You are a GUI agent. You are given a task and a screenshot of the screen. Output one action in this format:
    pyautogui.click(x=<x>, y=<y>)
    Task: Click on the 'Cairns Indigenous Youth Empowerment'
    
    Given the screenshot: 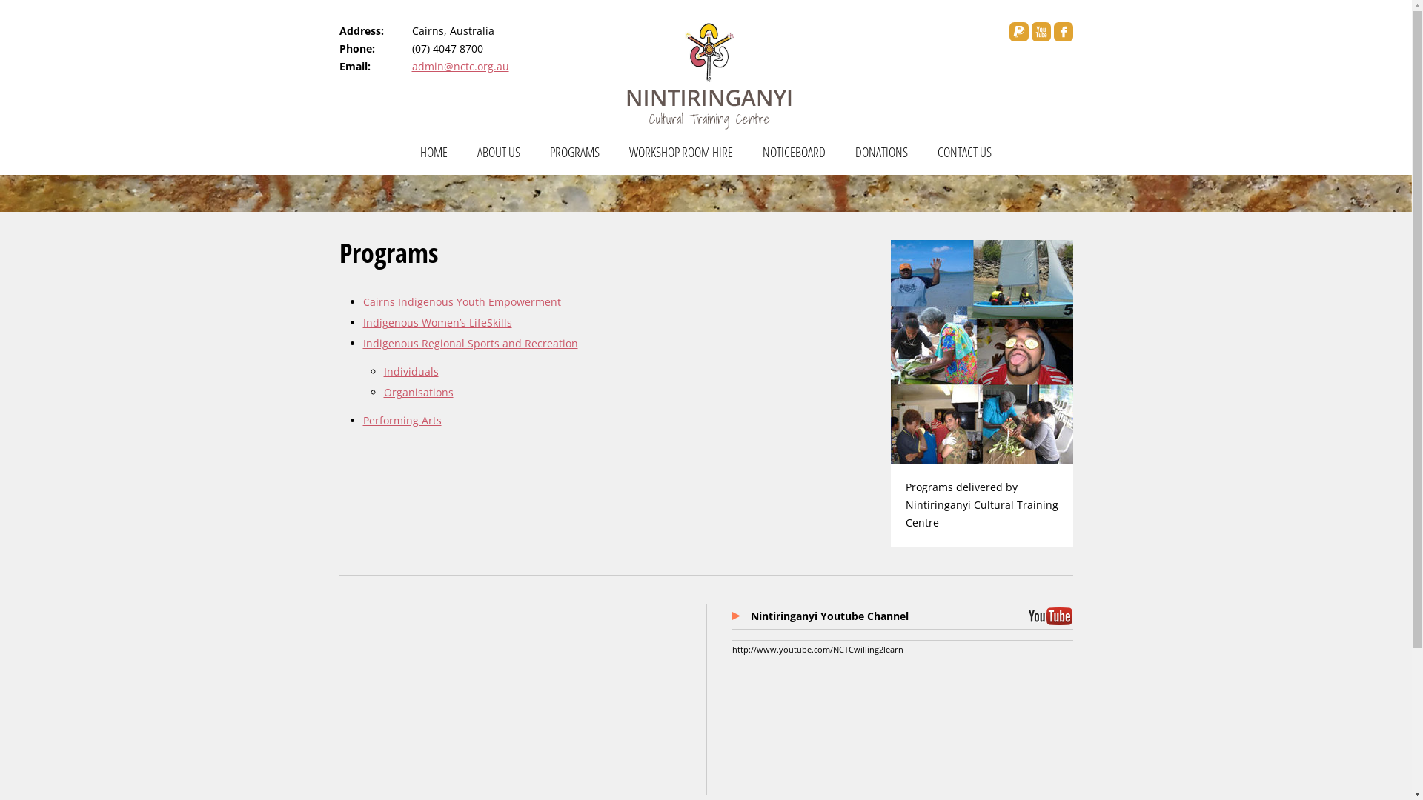 What is the action you would take?
    pyautogui.click(x=461, y=301)
    